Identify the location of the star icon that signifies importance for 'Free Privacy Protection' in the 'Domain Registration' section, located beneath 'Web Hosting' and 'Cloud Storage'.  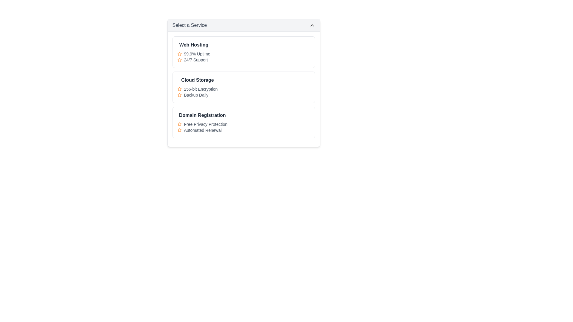
(179, 124).